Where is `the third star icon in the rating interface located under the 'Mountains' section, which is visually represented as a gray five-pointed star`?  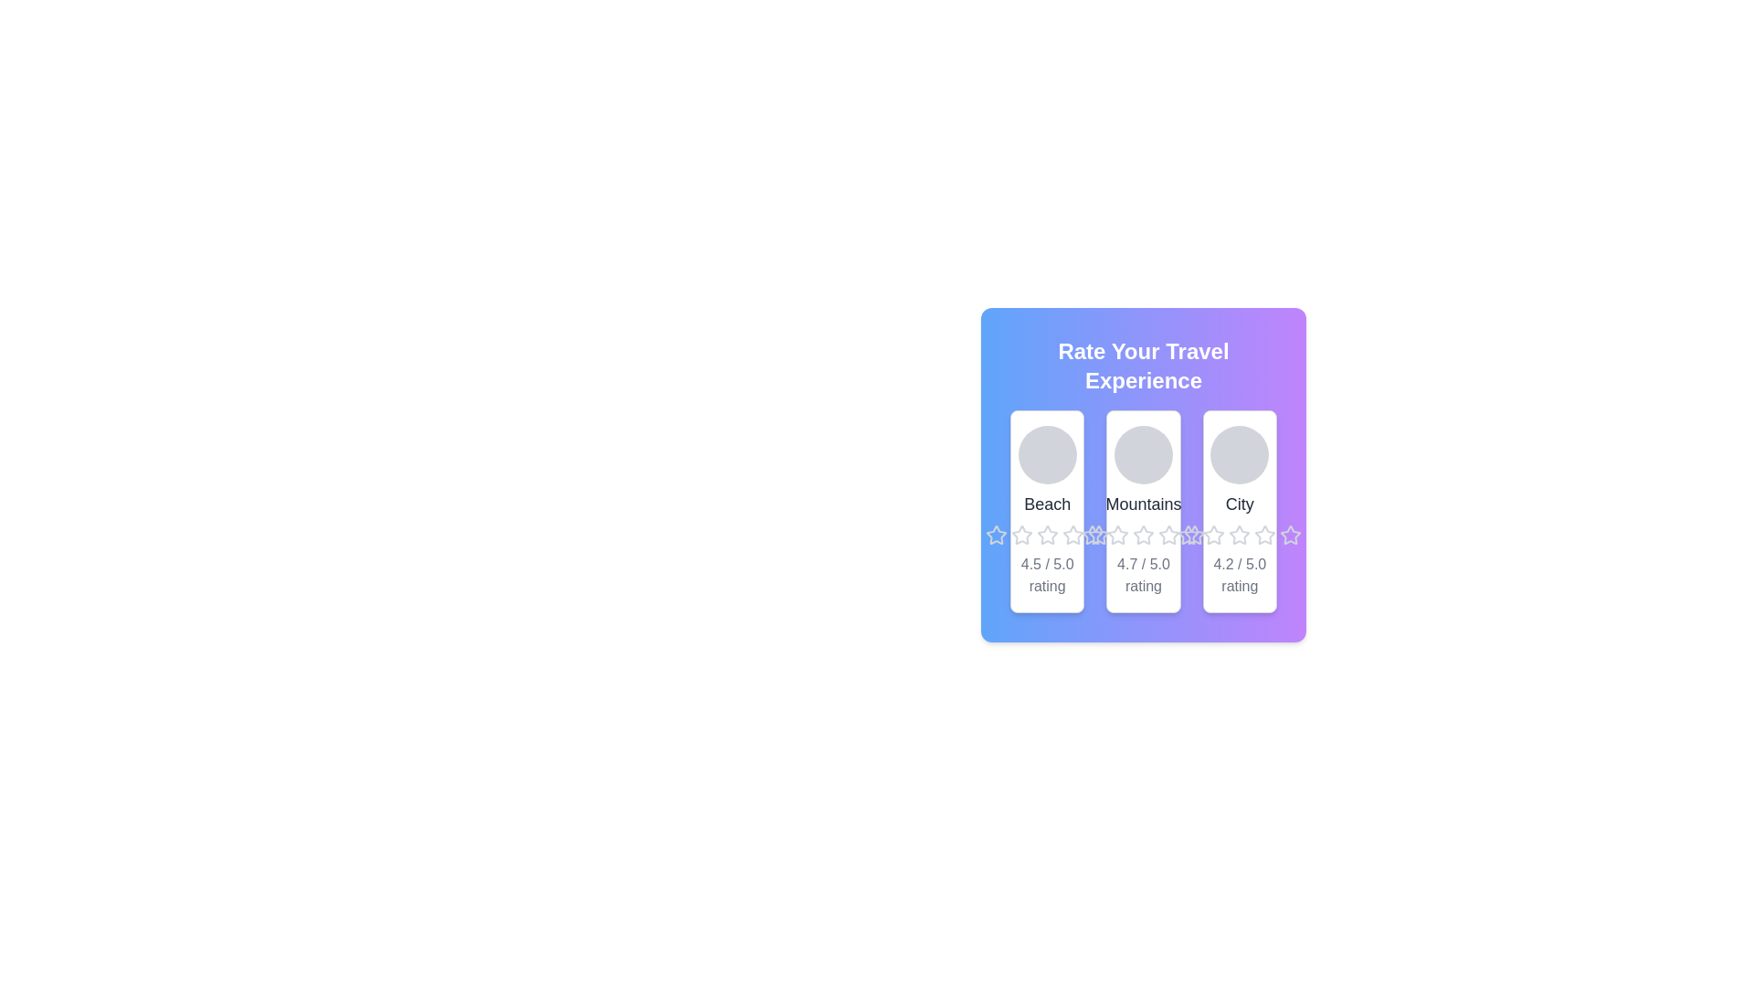 the third star icon in the rating interface located under the 'Mountains' section, which is visually represented as a gray five-pointed star is located at coordinates (1117, 535).